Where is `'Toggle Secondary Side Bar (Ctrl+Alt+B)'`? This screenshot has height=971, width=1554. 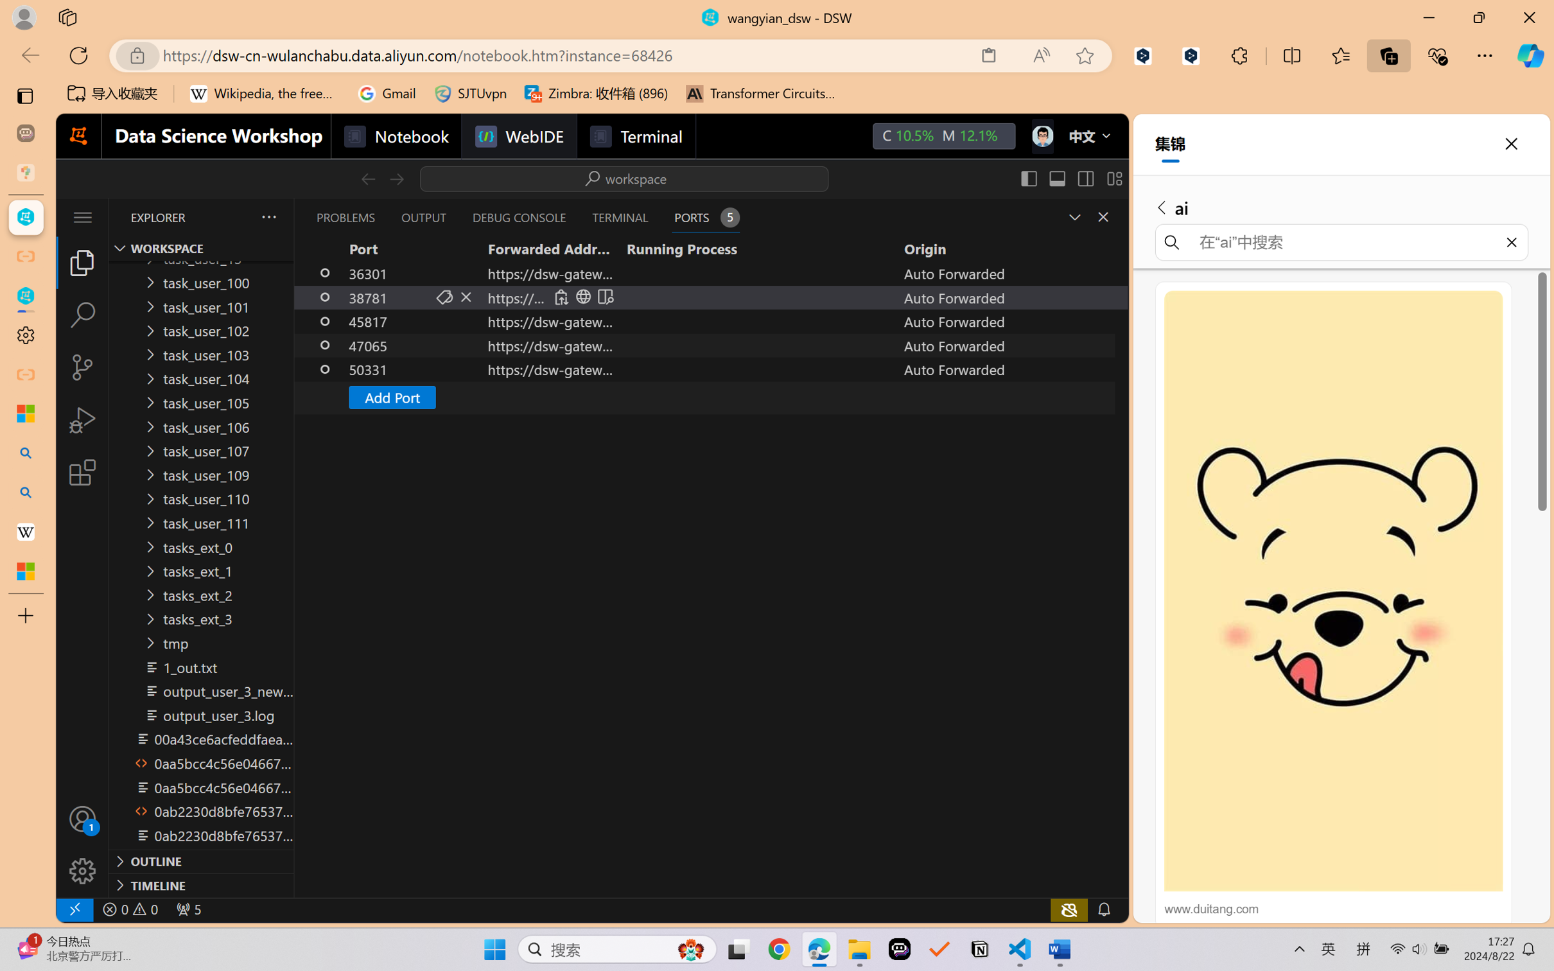 'Toggle Secondary Side Bar (Ctrl+Alt+B)' is located at coordinates (1083, 178).